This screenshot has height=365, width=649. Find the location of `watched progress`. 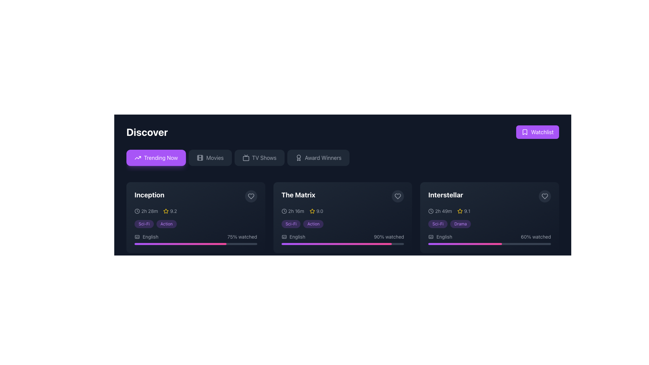

watched progress is located at coordinates (478, 244).